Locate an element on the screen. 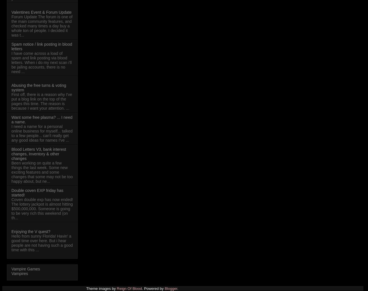 This screenshot has height=291, width=368. '.' is located at coordinates (177, 288).